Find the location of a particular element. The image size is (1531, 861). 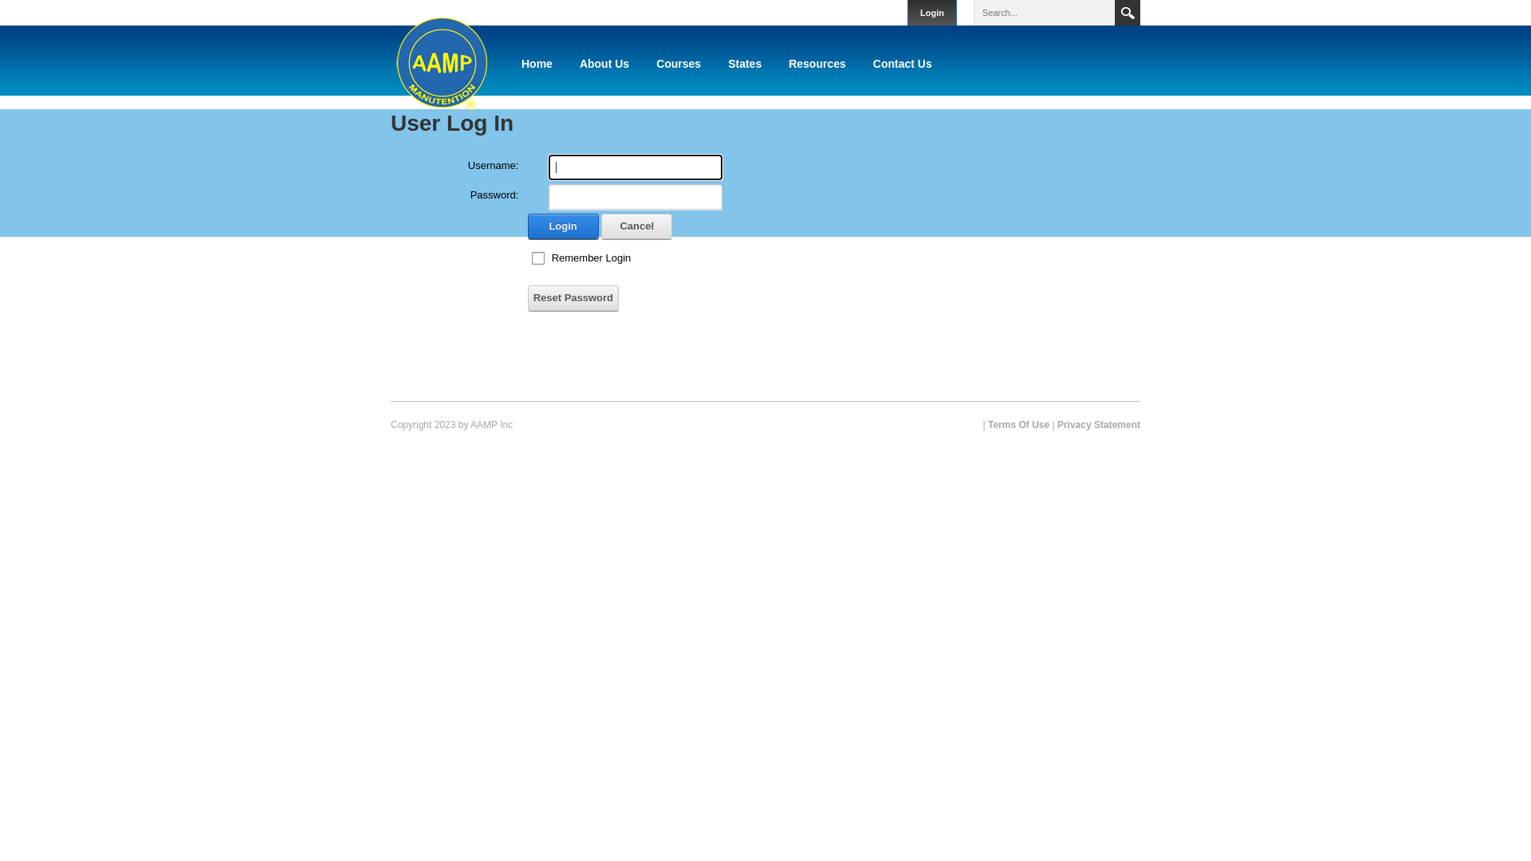

'Resources' is located at coordinates (817, 63).